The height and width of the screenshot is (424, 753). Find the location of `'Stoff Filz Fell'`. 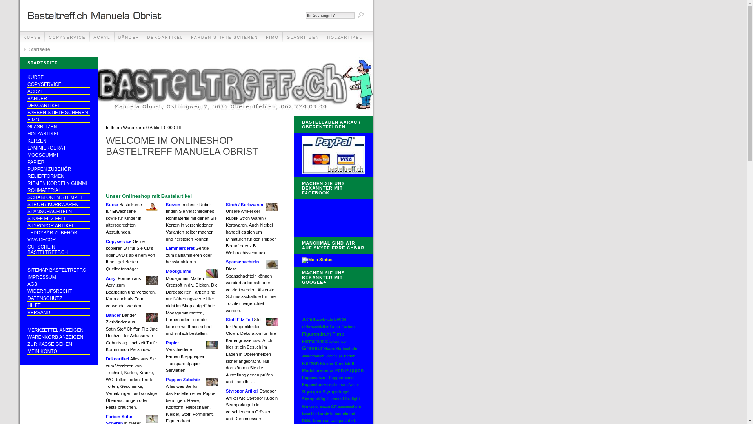

'Stoff Filz Fell' is located at coordinates (238, 319).